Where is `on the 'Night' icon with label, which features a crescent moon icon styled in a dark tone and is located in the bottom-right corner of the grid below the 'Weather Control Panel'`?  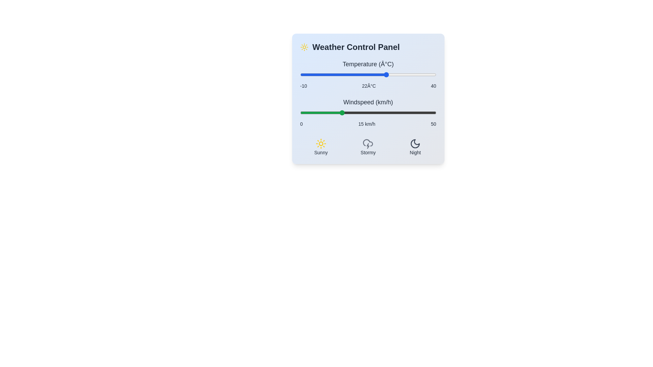 on the 'Night' icon with label, which features a crescent moon icon styled in a dark tone and is located in the bottom-right corner of the grid below the 'Weather Control Panel' is located at coordinates (415, 146).